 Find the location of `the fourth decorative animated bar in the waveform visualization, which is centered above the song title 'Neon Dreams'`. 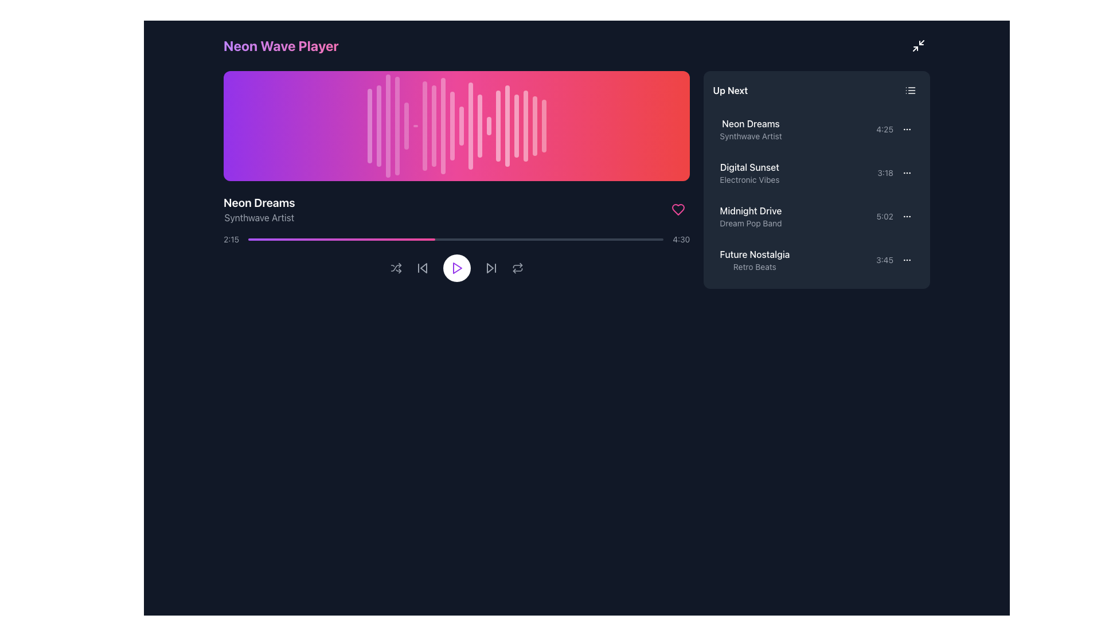

the fourth decorative animated bar in the waveform visualization, which is centered above the song title 'Neon Dreams' is located at coordinates (397, 126).